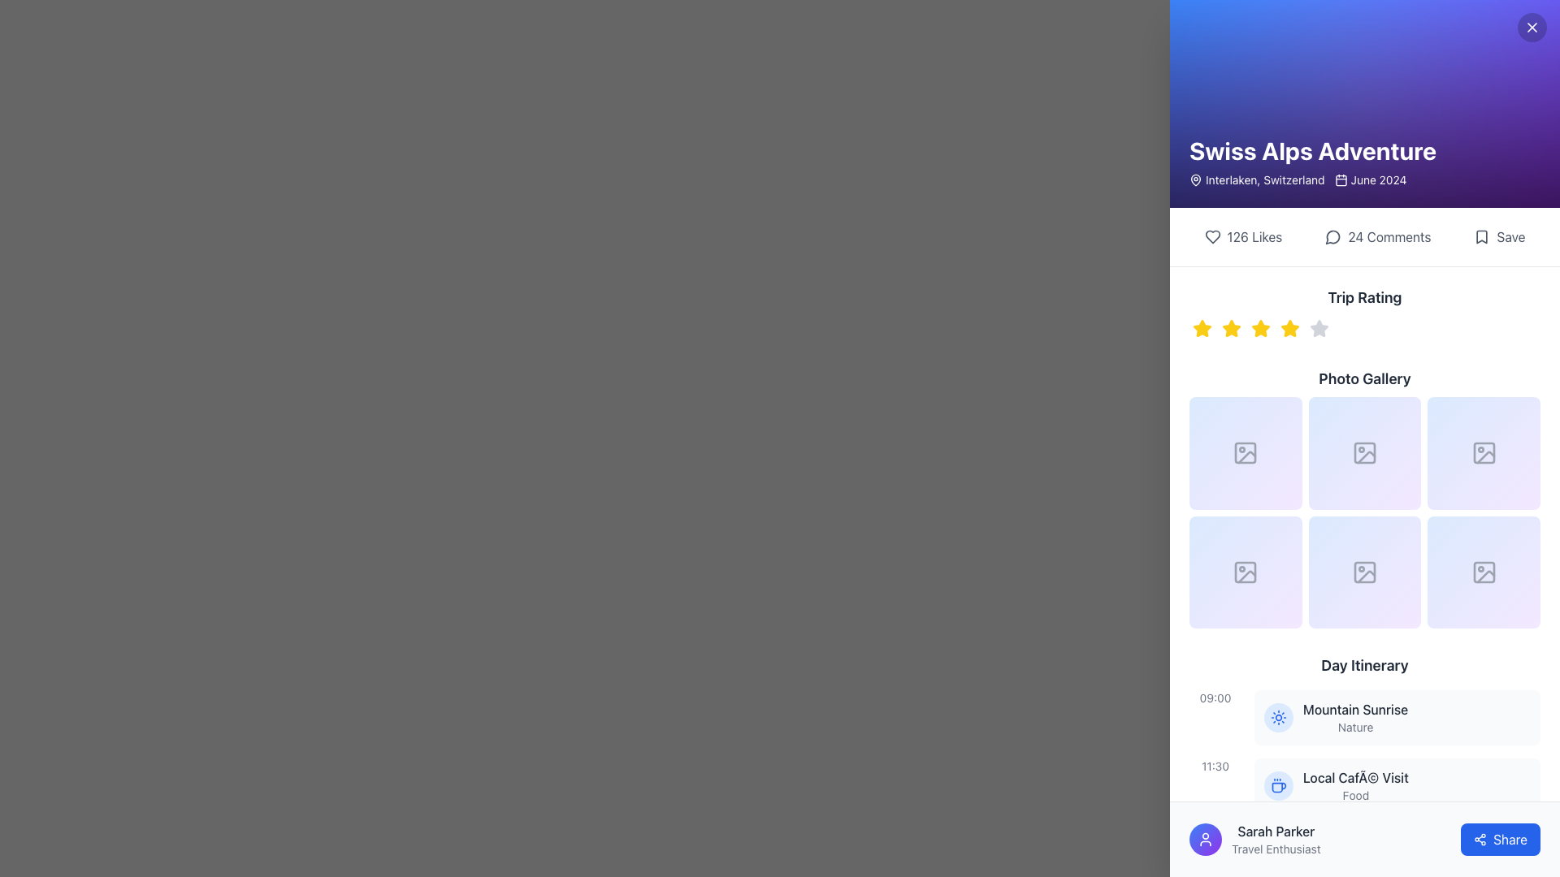 This screenshot has width=1560, height=877. Describe the element at coordinates (1484, 572) in the screenshot. I see `the sixth Image Placeholder element in the bottom-right corner of the photo gallery grid` at that location.